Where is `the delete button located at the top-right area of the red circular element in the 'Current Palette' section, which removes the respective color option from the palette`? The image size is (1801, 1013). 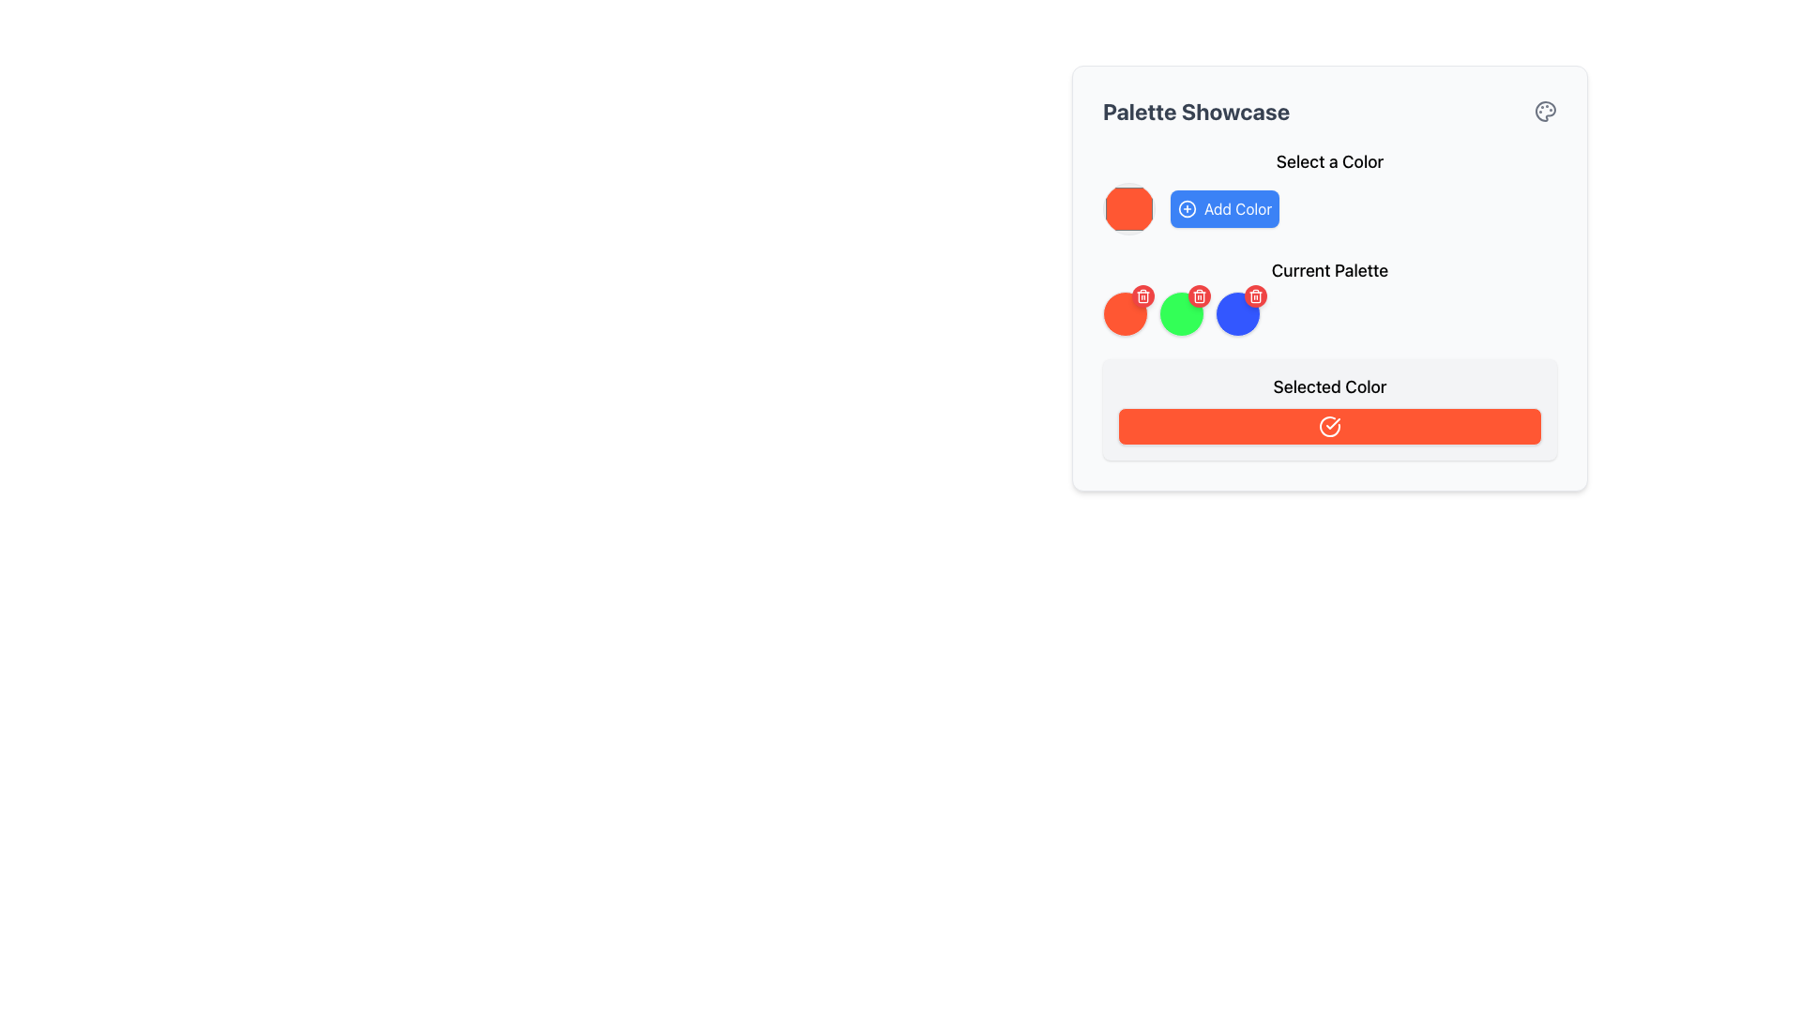 the delete button located at the top-right area of the red circular element in the 'Current Palette' section, which removes the respective color option from the palette is located at coordinates (1143, 295).